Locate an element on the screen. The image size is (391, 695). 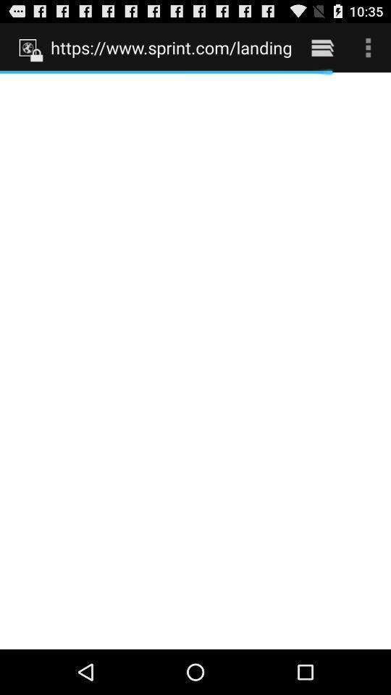
icon at the center is located at coordinates (195, 360).